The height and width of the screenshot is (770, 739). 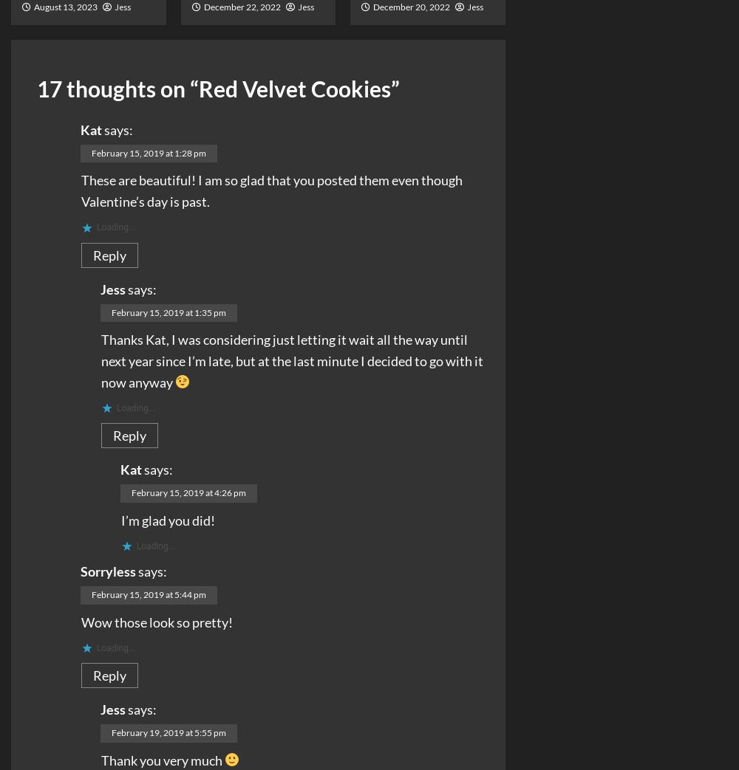 I want to click on 'December 22, 2022', so click(x=203, y=5).